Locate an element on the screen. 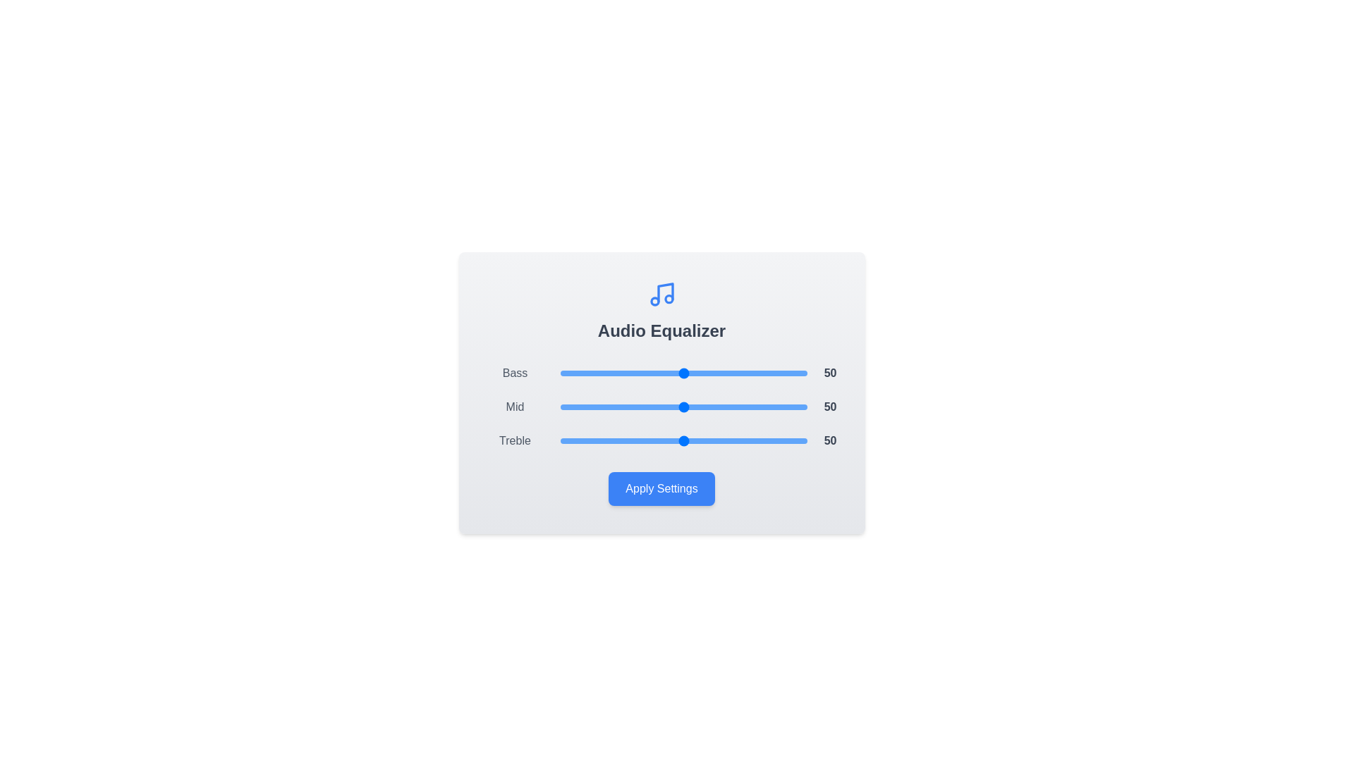 The height and width of the screenshot is (761, 1354). the 'Mid' slider to 41 is located at coordinates (661, 407).